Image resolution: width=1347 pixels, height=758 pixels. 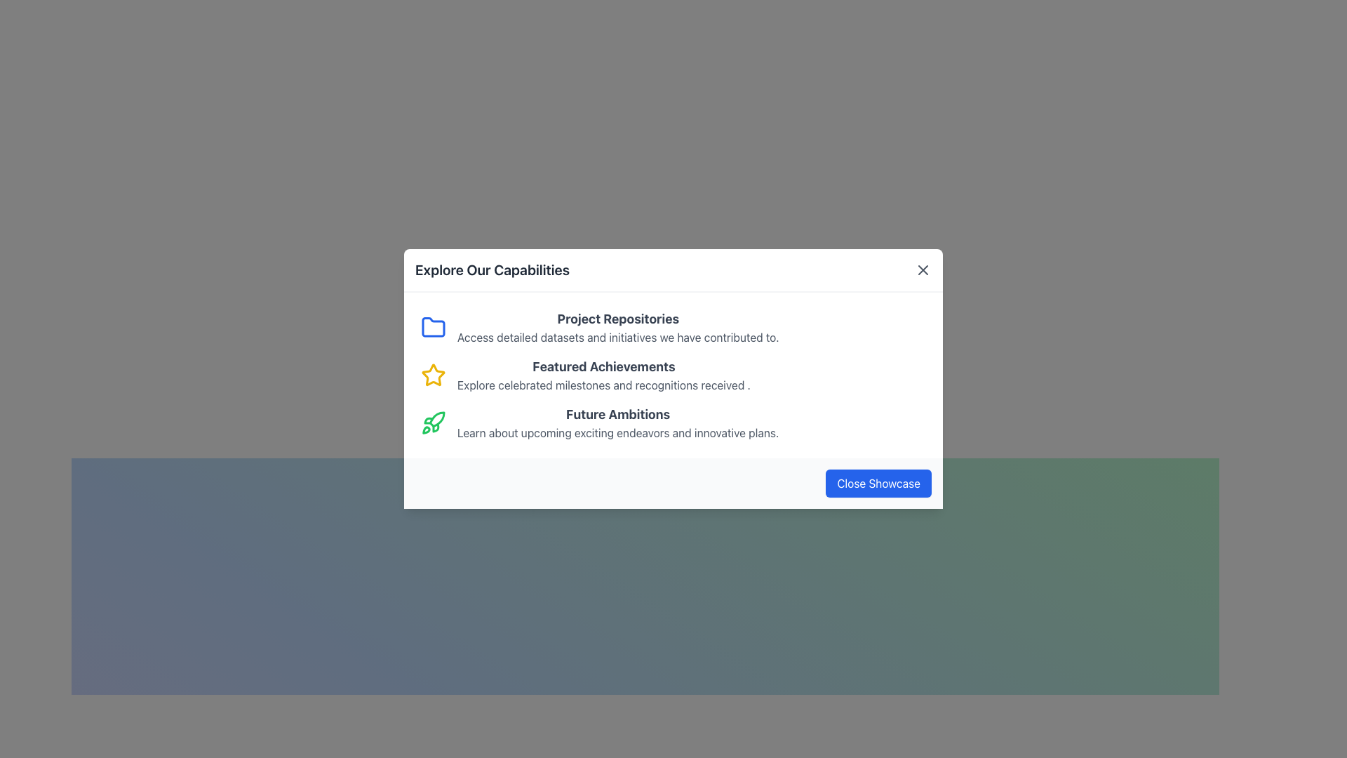 I want to click on the 'Project Repositories' icon located in the first row of the list under 'Explore Our Capabilities' for emergent visual effects, so click(x=433, y=327).